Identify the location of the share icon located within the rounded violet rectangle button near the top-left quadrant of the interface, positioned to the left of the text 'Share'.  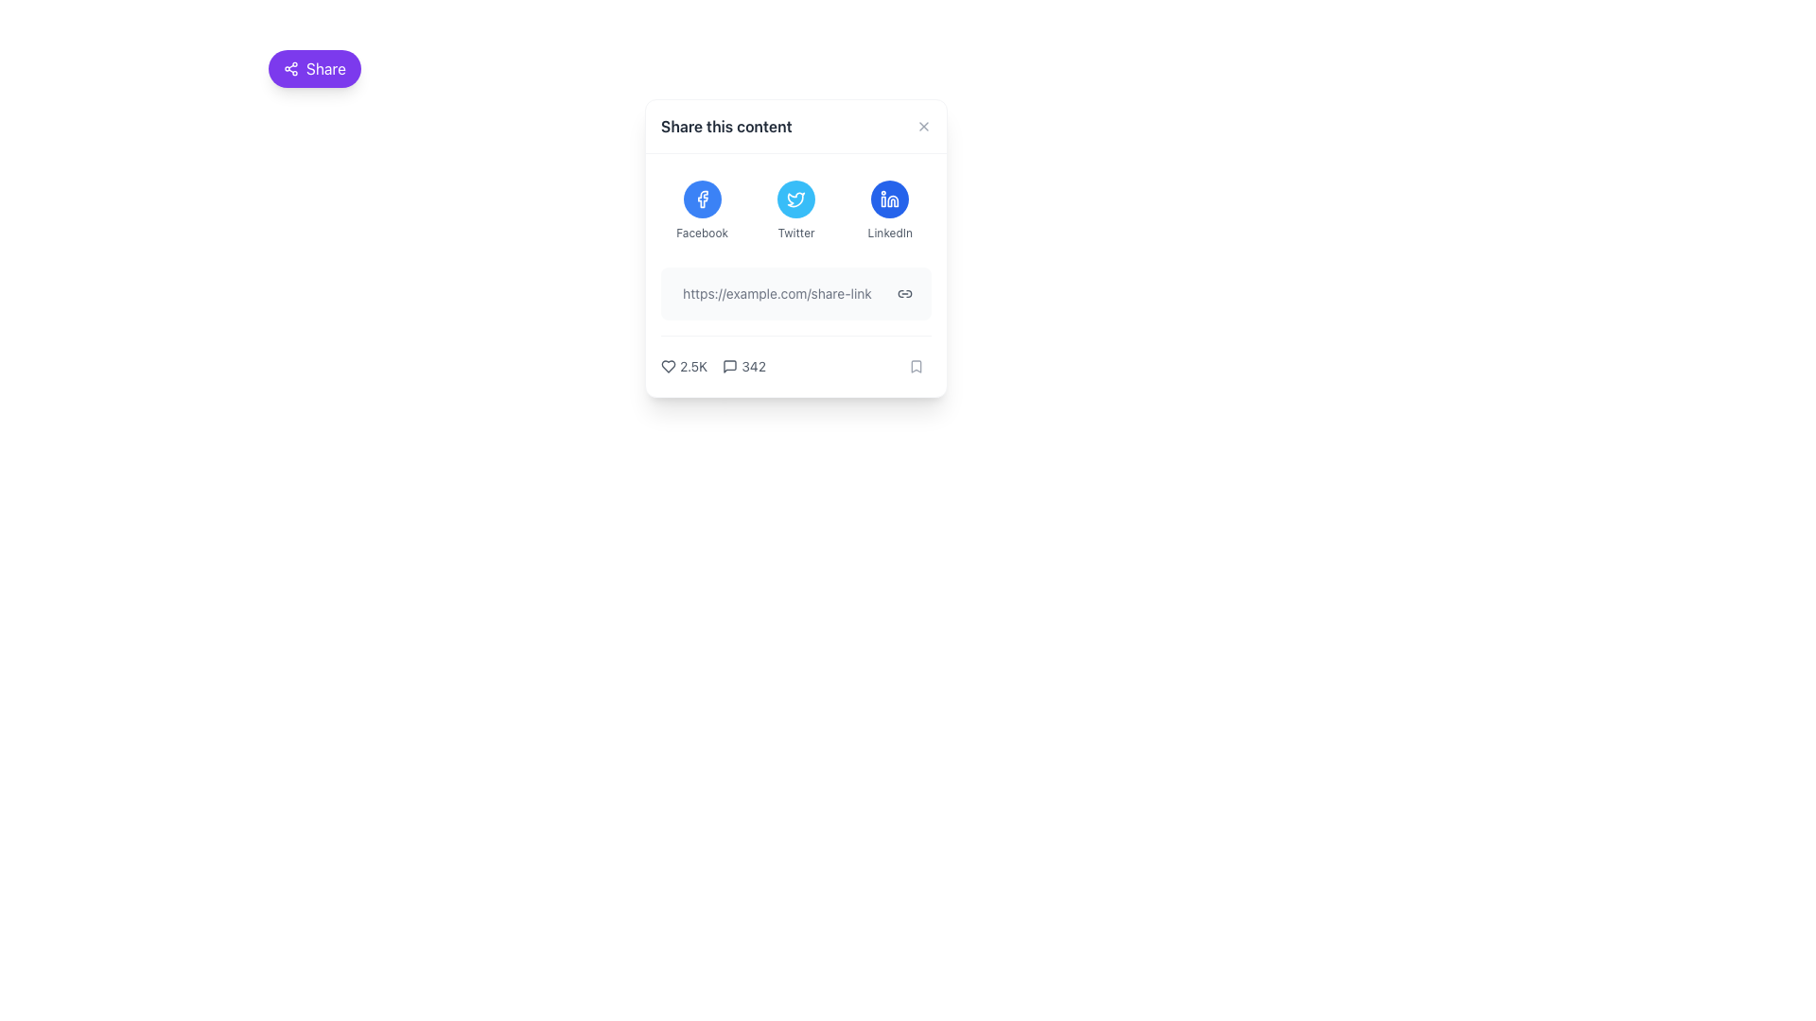
(289, 68).